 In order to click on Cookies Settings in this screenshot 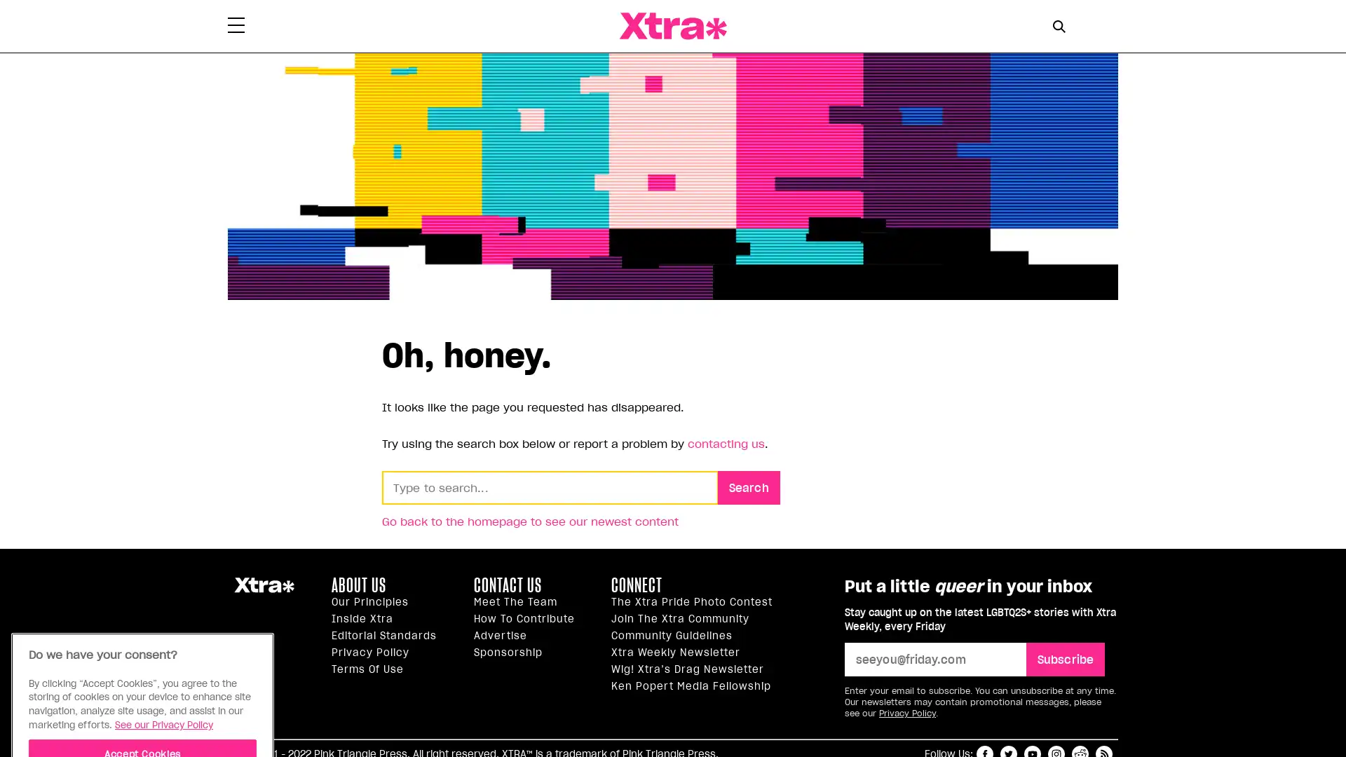, I will do `click(142, 702)`.